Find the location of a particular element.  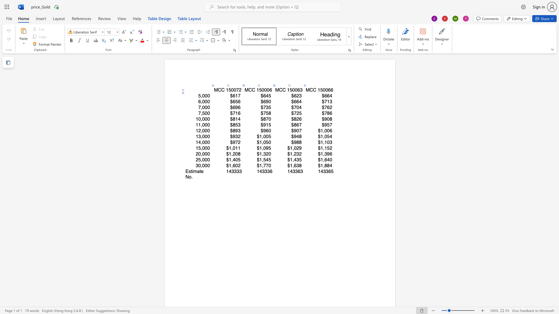

the 1th character "M" in the text is located at coordinates (307, 90).